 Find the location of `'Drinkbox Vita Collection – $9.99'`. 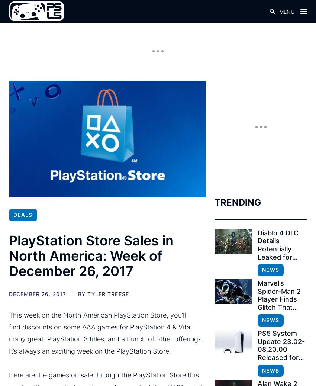

'Drinkbox Vita Collection – $9.99' is located at coordinates (88, 183).